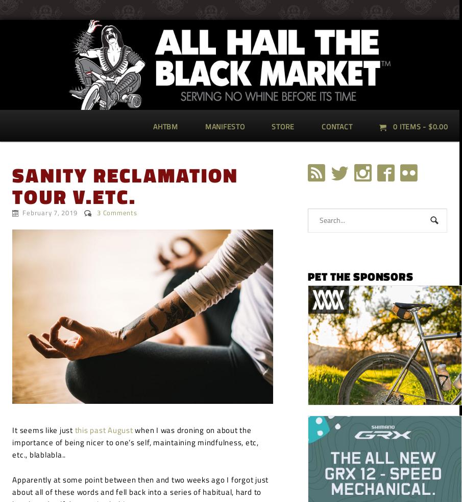  Describe the element at coordinates (50, 213) in the screenshot. I see `'February 7, 2019'` at that location.